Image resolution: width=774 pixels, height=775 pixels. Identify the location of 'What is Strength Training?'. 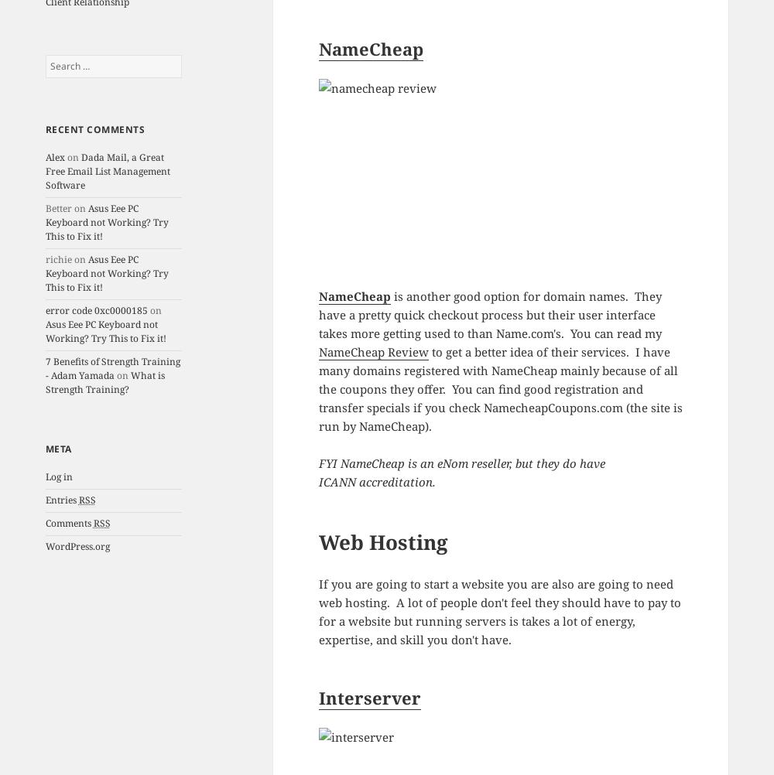
(104, 381).